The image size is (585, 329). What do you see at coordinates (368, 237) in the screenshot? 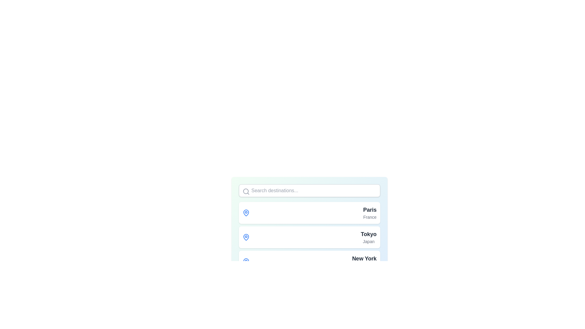
I see `to select the location displayed in the text label showing 'Tokyo' as the city name and 'Japan' as the country name, which is visually distinct with bold and large font for the city and lighter font for the country, positioned under 'Paris' and above 'New York'` at bounding box center [368, 237].